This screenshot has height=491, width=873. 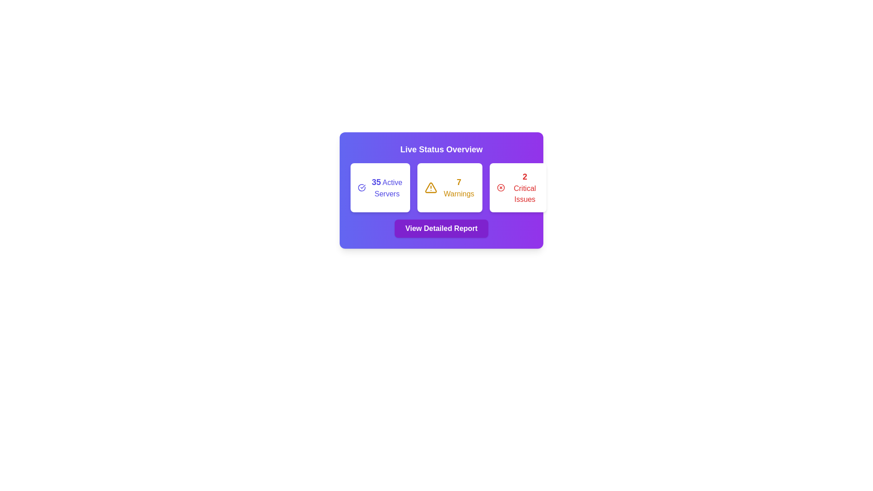 What do you see at coordinates (518, 187) in the screenshot?
I see `the status indicator in the rightmost position of the Informational panel within the 'Live Status Overview' to obtain more details about the critical issues` at bounding box center [518, 187].